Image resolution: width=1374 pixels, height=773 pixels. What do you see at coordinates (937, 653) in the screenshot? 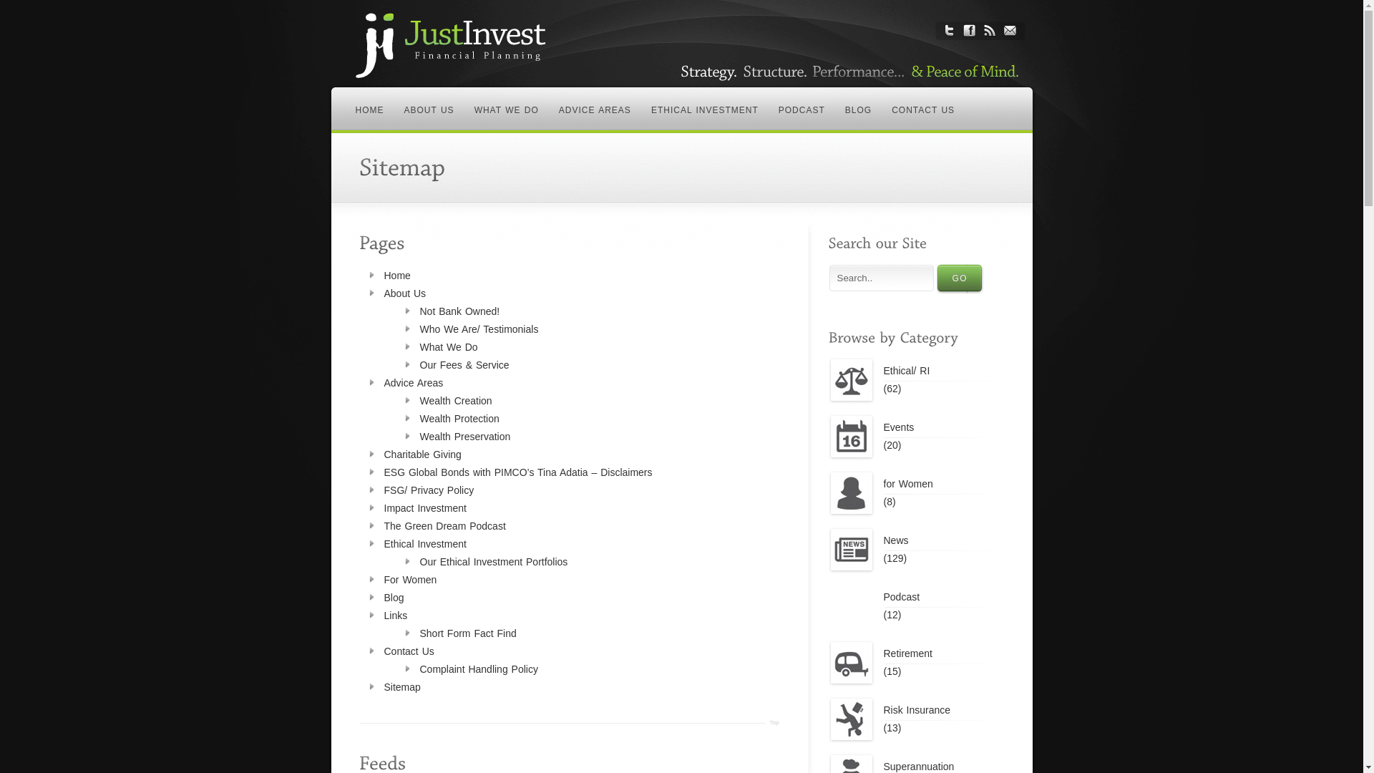
I see `'Retirement'` at bounding box center [937, 653].